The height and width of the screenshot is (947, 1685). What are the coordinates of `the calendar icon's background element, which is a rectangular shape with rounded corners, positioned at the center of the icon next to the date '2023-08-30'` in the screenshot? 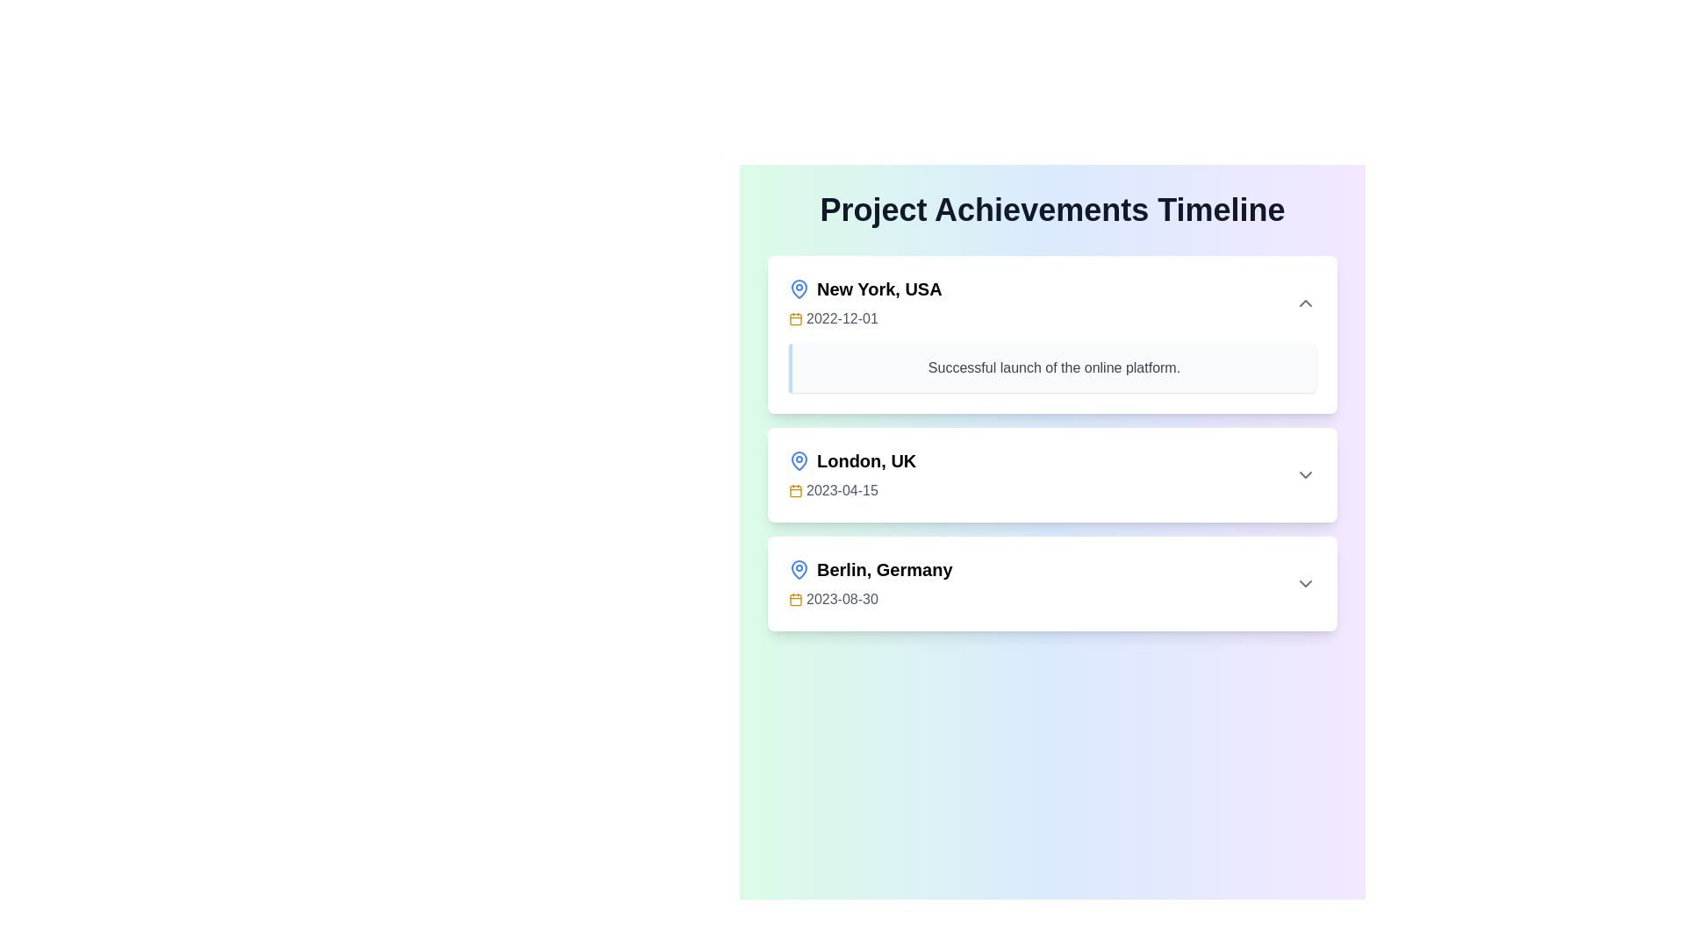 It's located at (795, 598).